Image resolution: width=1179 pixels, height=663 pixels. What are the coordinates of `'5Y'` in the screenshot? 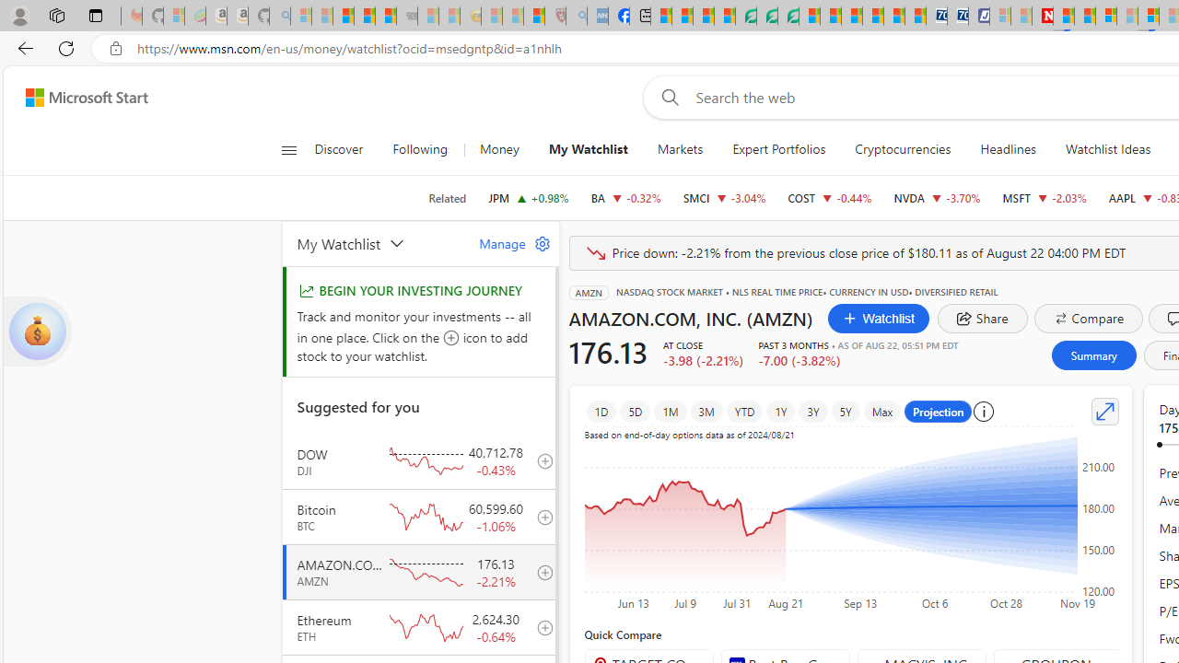 It's located at (845, 411).